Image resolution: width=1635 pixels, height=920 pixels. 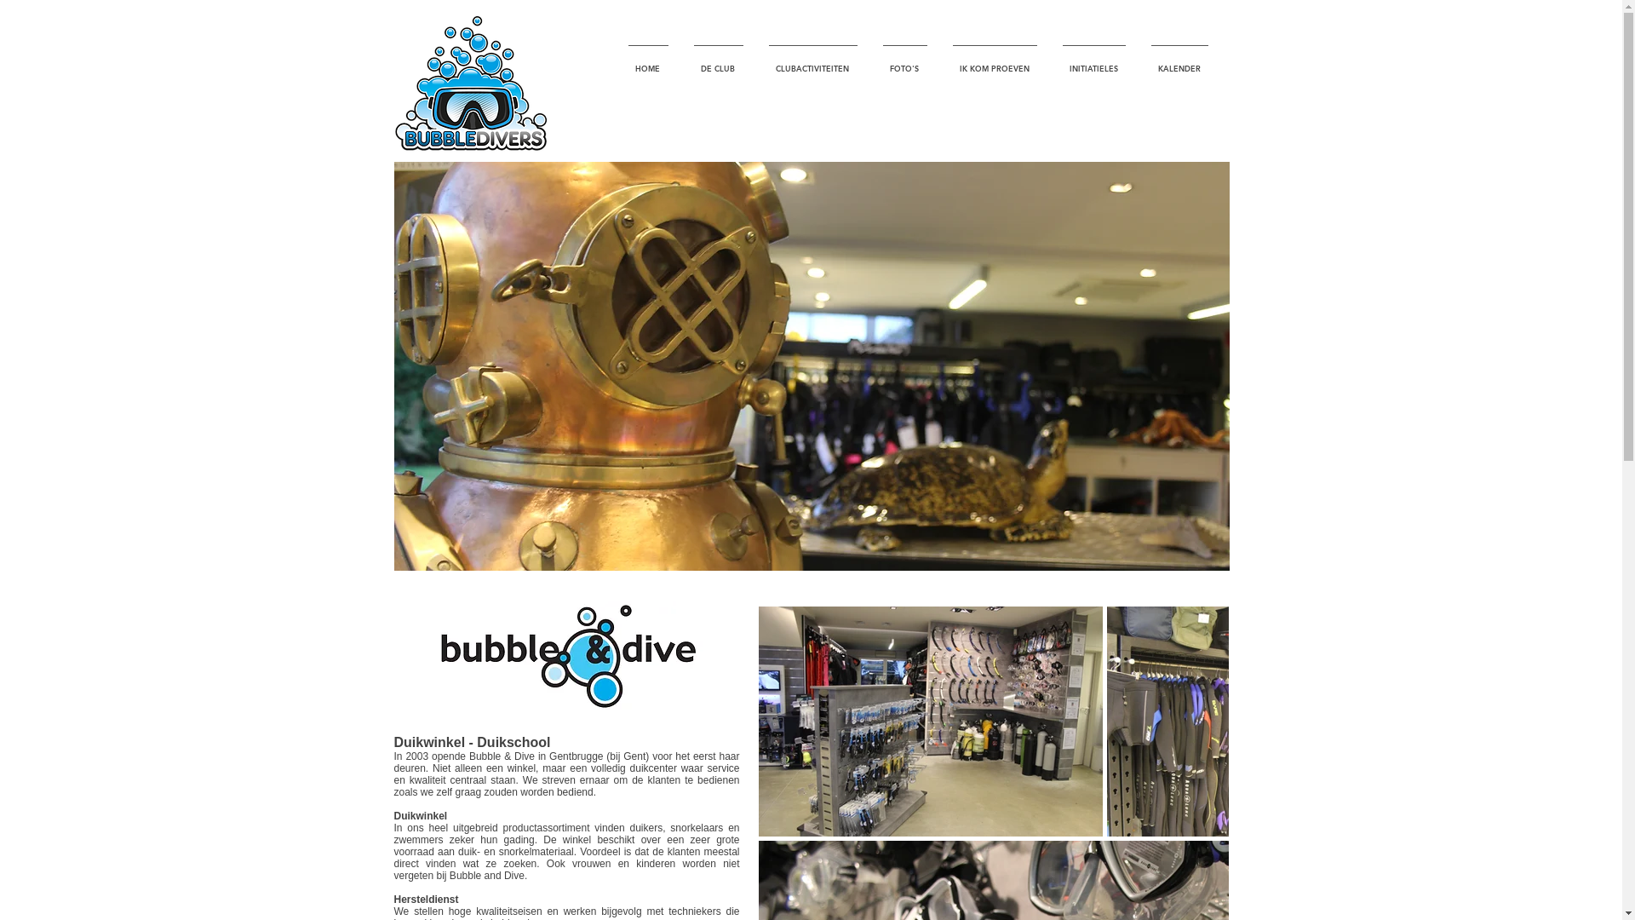 I want to click on 'CLUBACTIVITEITEN', so click(x=755, y=60).